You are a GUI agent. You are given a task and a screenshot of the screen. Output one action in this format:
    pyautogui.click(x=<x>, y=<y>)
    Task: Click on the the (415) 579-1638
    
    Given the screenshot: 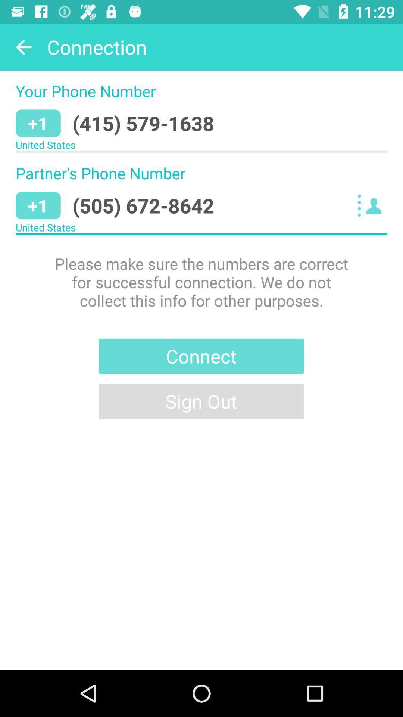 What is the action you would take?
    pyautogui.click(x=143, y=123)
    